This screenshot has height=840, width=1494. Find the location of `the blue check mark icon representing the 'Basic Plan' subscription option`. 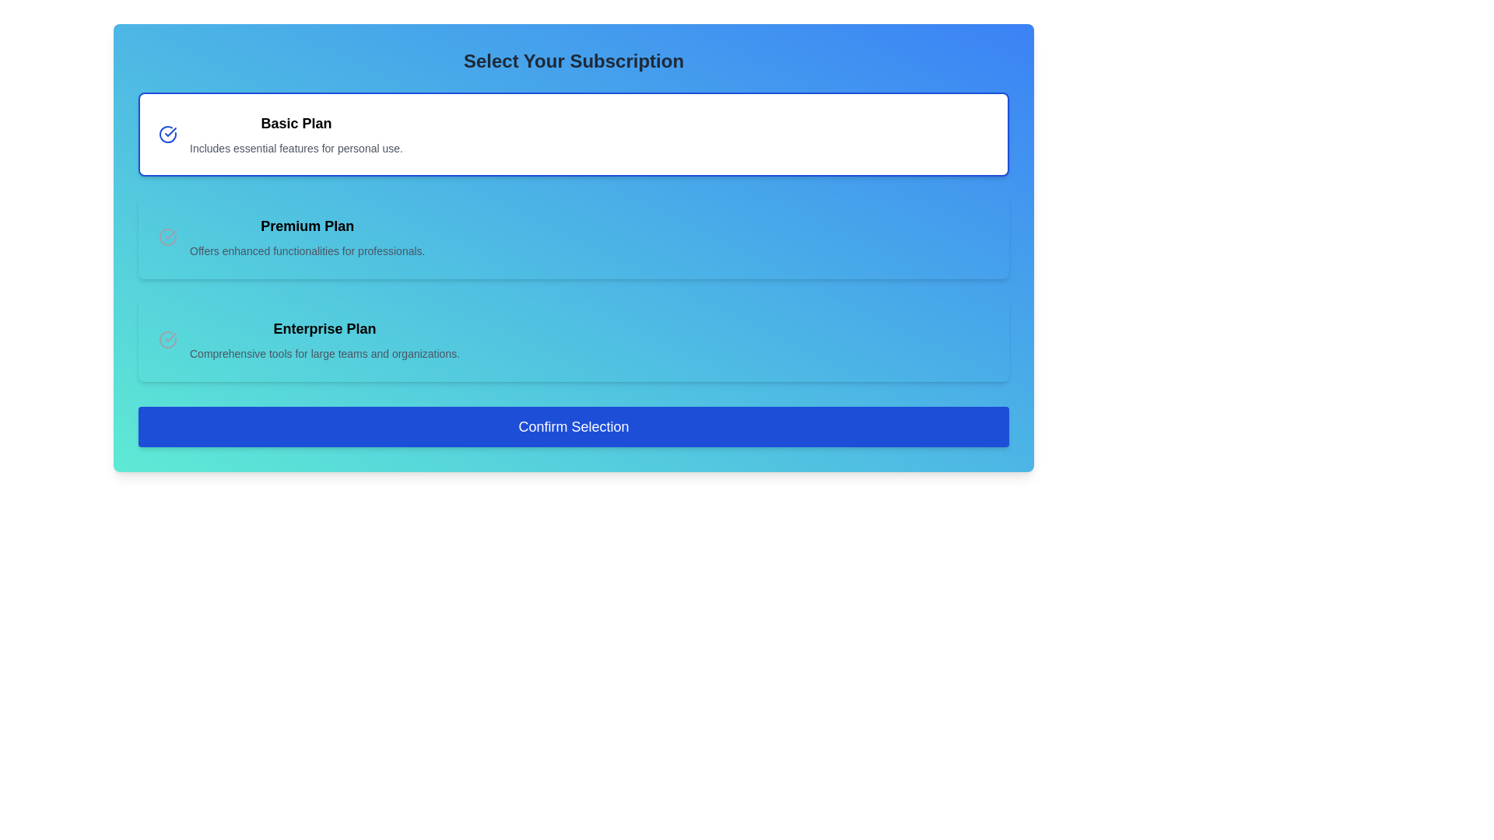

the blue check mark icon representing the 'Basic Plan' subscription option is located at coordinates (170, 131).